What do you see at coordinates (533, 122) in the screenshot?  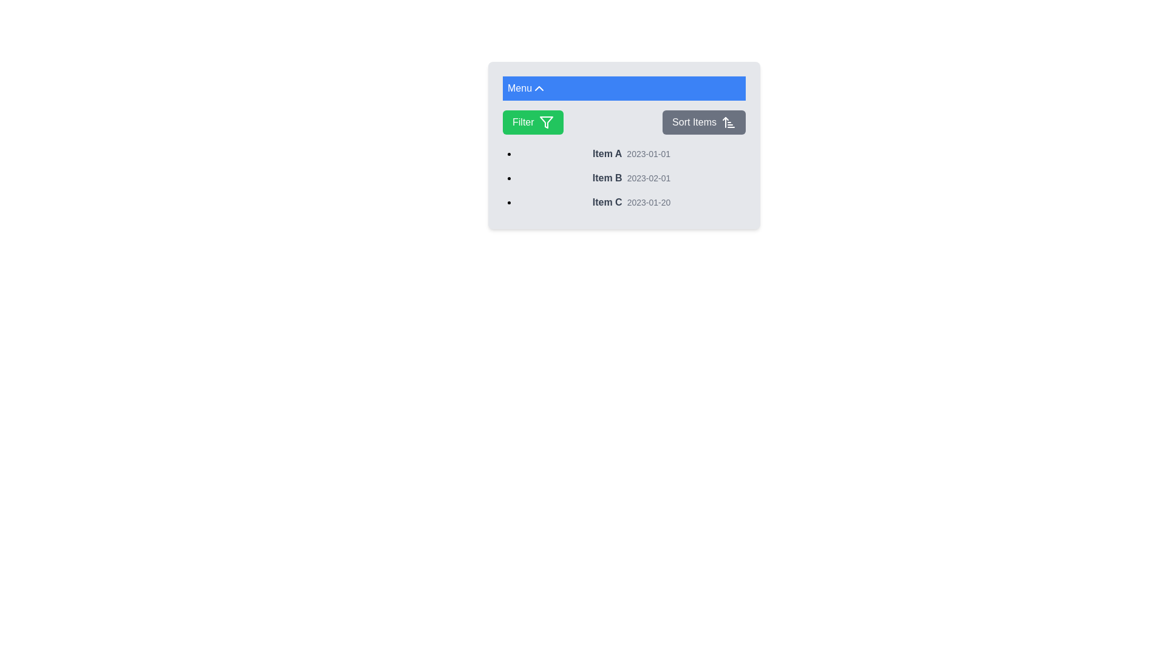 I see `Filter button to apply filters to the items` at bounding box center [533, 122].